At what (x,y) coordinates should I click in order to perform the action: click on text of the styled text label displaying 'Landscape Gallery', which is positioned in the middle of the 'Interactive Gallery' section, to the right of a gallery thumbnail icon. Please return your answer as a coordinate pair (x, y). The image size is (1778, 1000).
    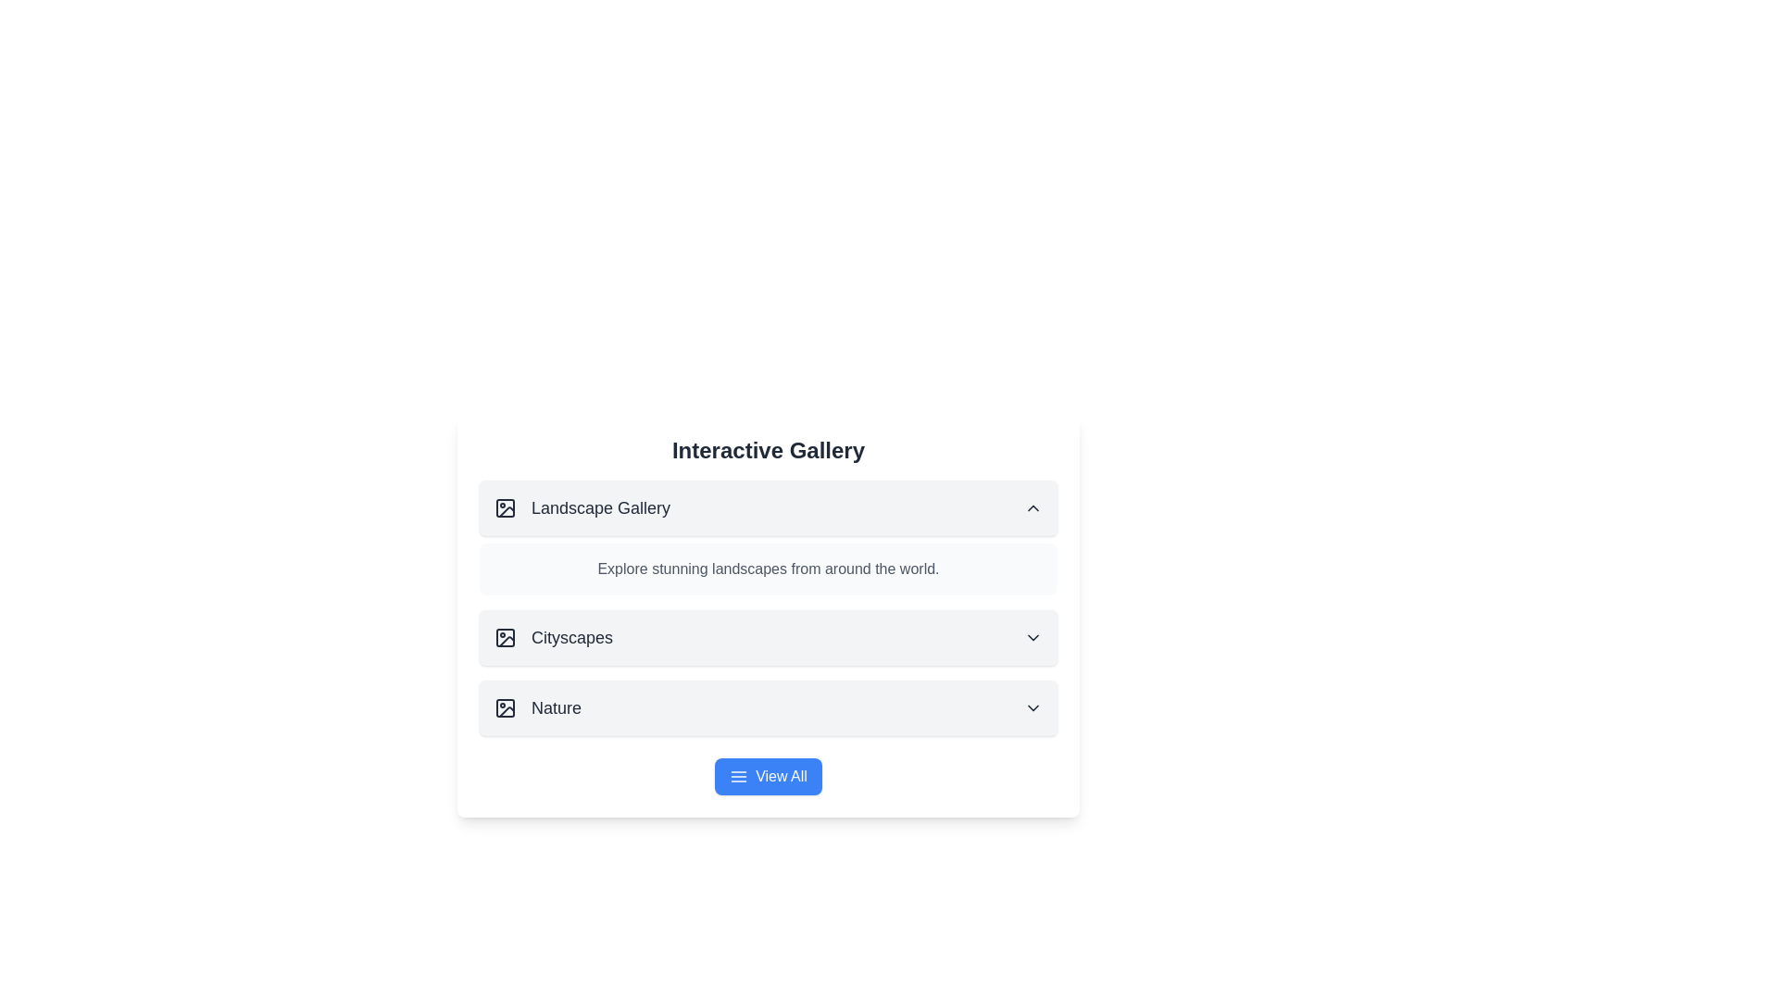
    Looking at the image, I should click on (600, 507).